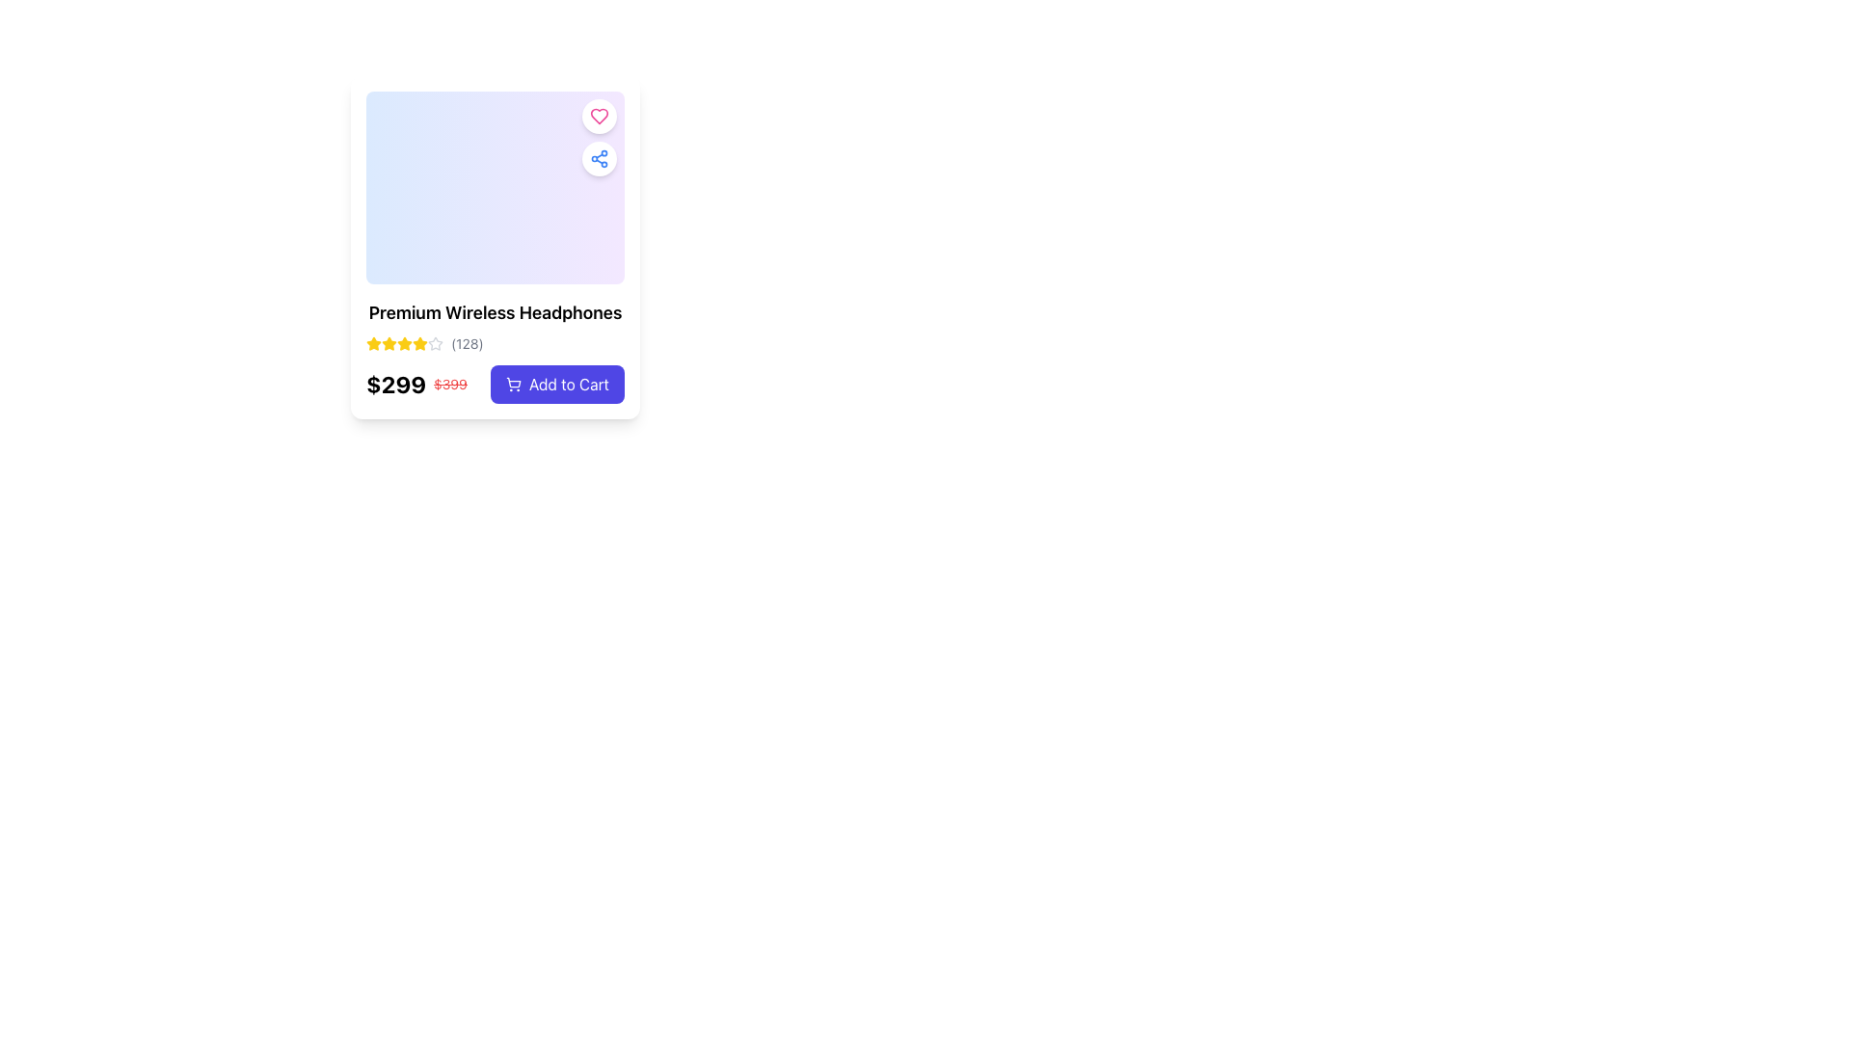  I want to click on the heart icon located at the top-right corner of the product card to favorite the item, so click(599, 116).